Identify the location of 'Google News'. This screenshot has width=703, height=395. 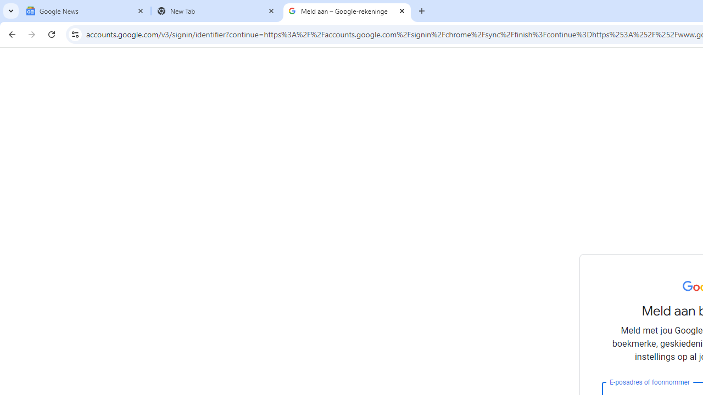
(85, 11).